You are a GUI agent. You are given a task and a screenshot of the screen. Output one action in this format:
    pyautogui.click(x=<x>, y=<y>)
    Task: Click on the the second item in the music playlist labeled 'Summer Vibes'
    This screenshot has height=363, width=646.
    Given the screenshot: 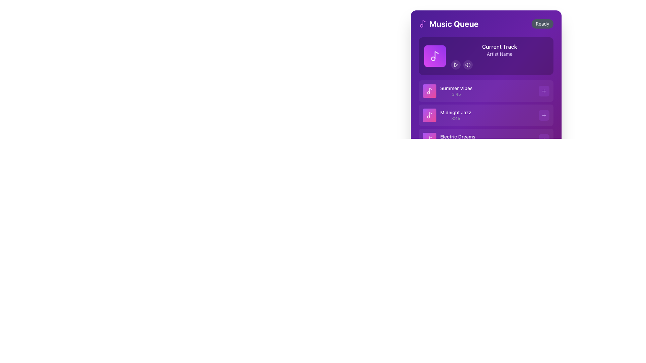 What is the action you would take?
    pyautogui.click(x=447, y=91)
    